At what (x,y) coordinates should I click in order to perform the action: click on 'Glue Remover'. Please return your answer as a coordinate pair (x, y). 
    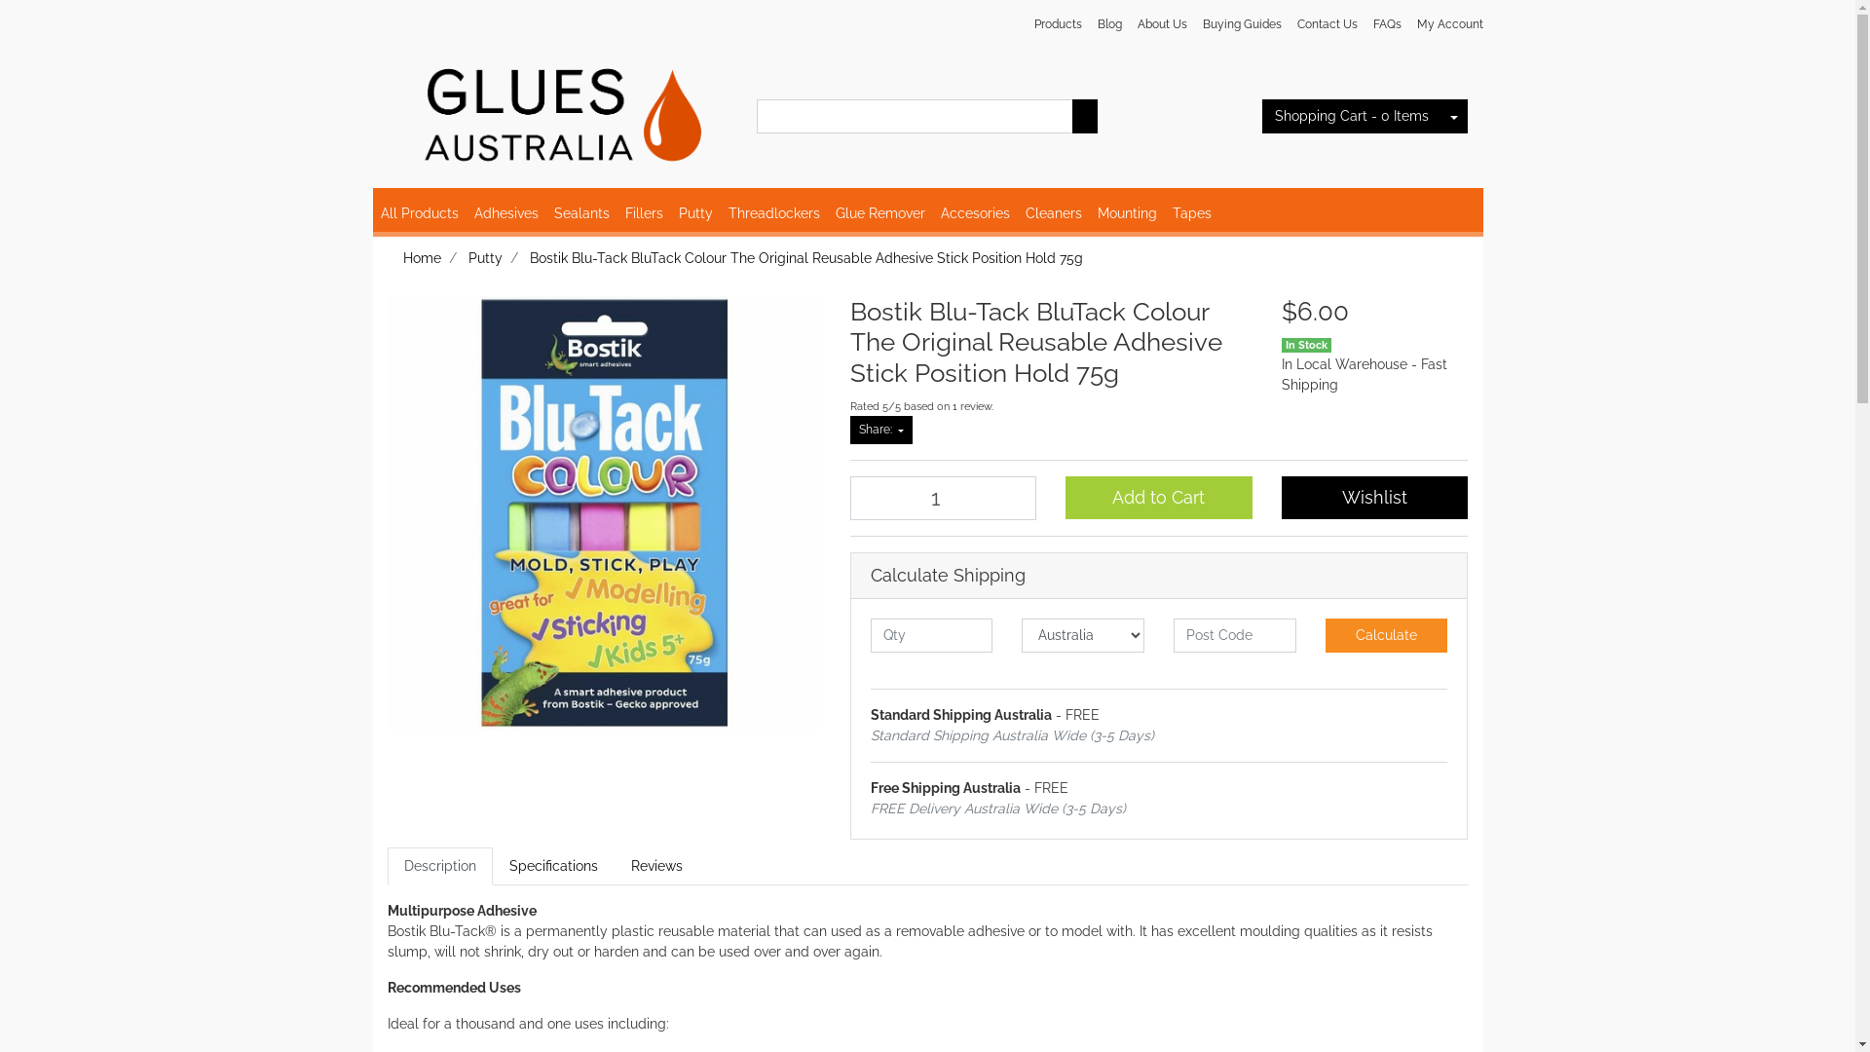
    Looking at the image, I should click on (879, 213).